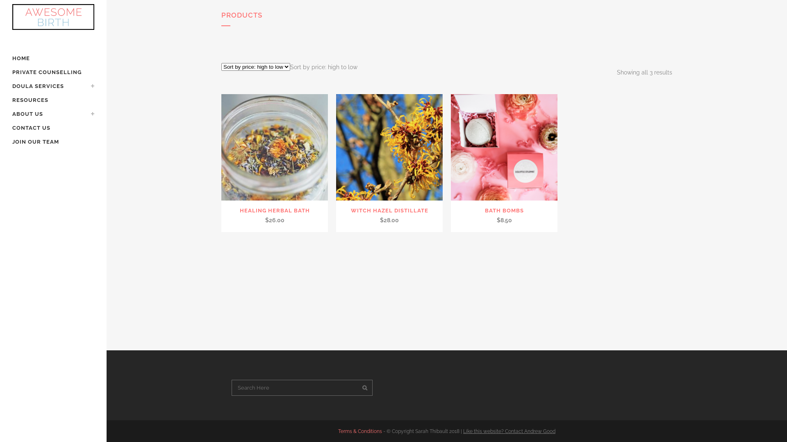  Describe the element at coordinates (52, 100) in the screenshot. I see `'RESOURCES'` at that location.